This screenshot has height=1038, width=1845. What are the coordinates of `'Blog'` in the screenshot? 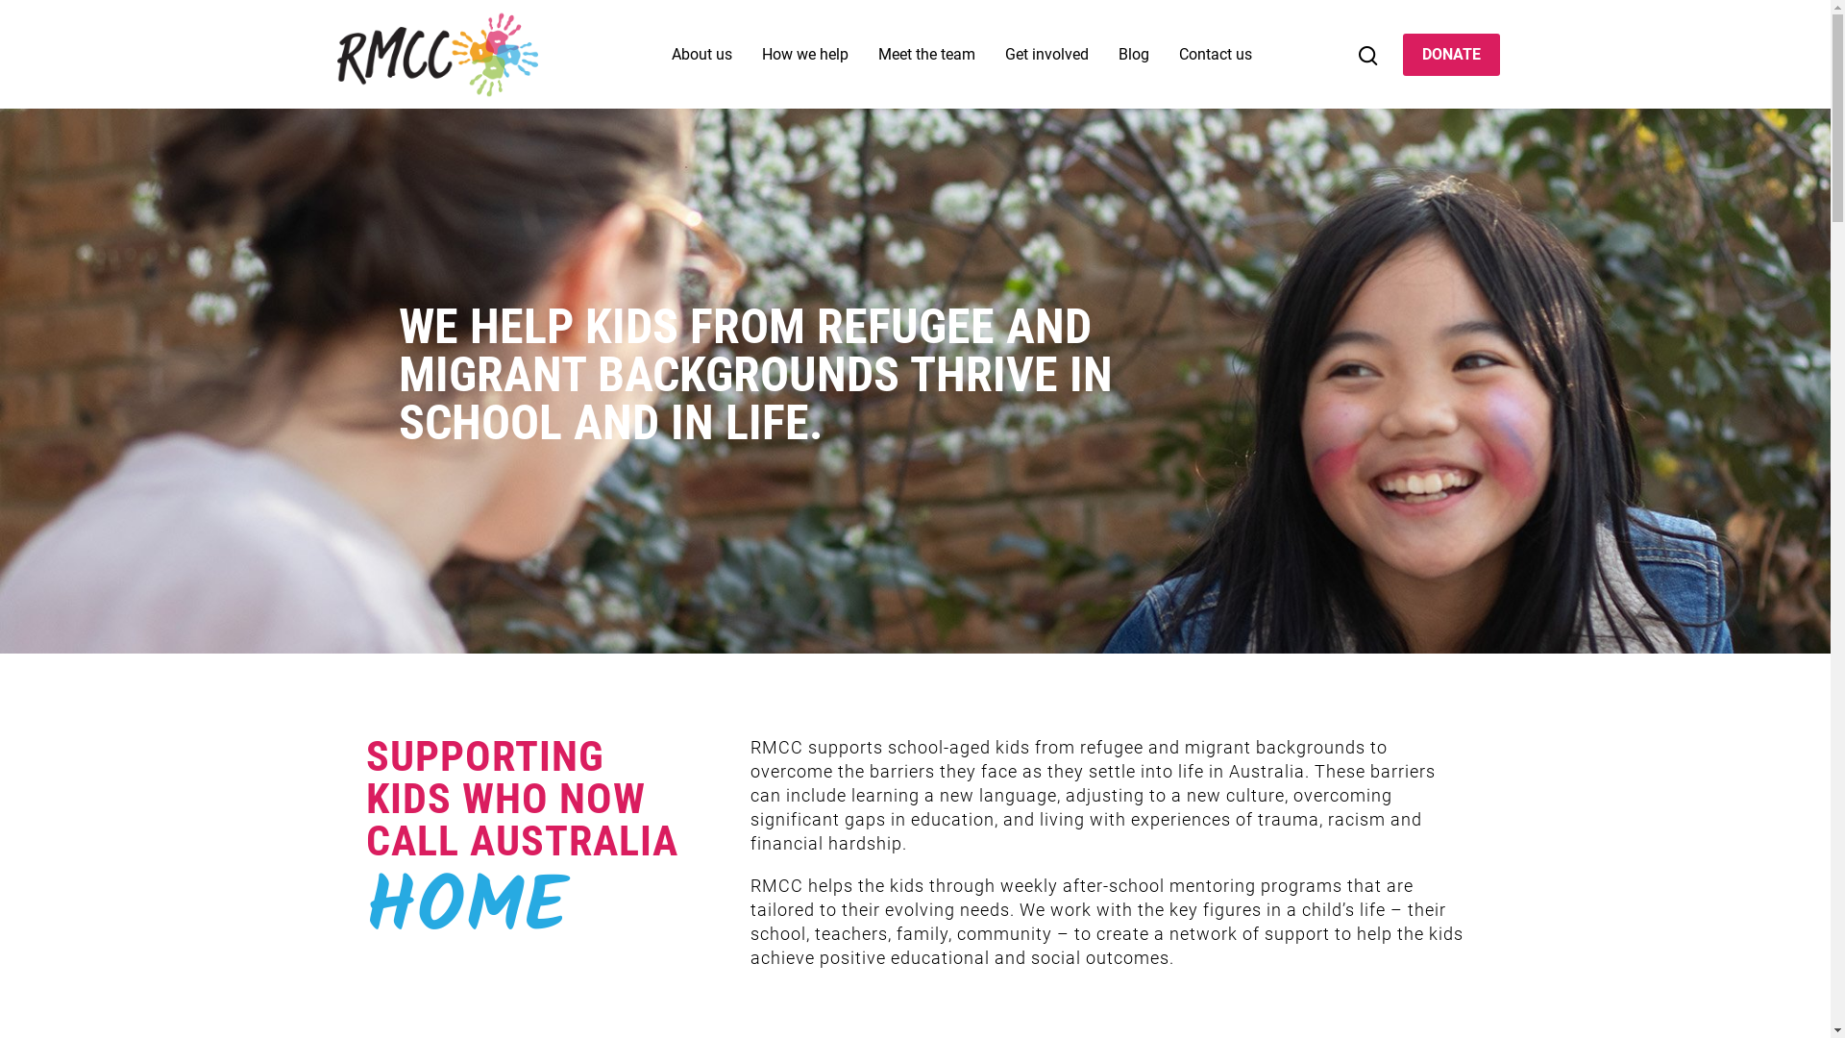 It's located at (1118, 62).